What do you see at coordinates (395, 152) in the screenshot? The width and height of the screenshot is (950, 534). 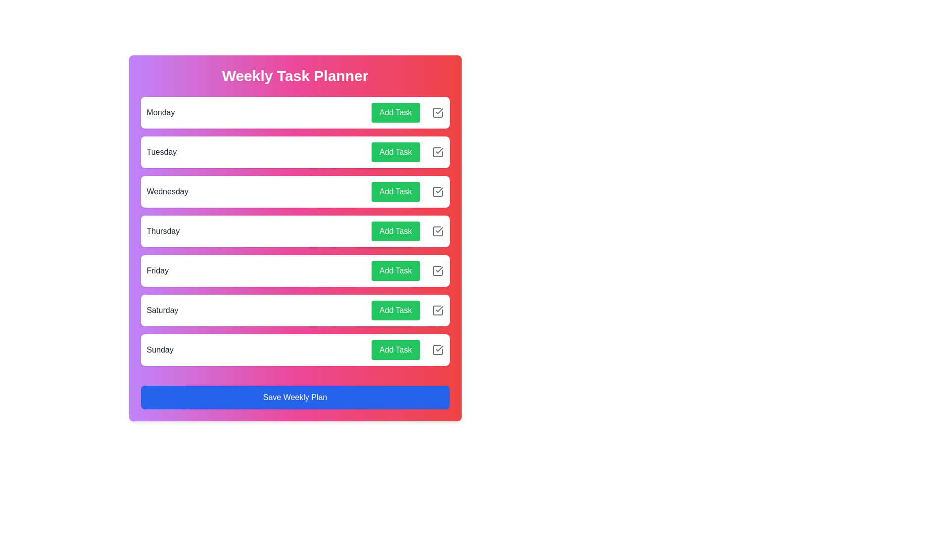 I see `the 'Add Task' button for Tuesday` at bounding box center [395, 152].